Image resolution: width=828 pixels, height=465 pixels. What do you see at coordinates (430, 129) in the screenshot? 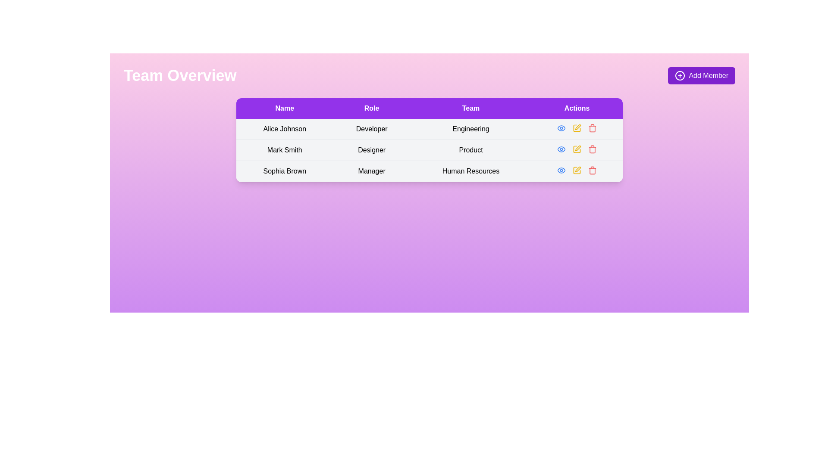
I see `the first table row containing information about the team member 'Alice Johnson', who is a 'Developer' in the 'Engineering' team` at bounding box center [430, 129].